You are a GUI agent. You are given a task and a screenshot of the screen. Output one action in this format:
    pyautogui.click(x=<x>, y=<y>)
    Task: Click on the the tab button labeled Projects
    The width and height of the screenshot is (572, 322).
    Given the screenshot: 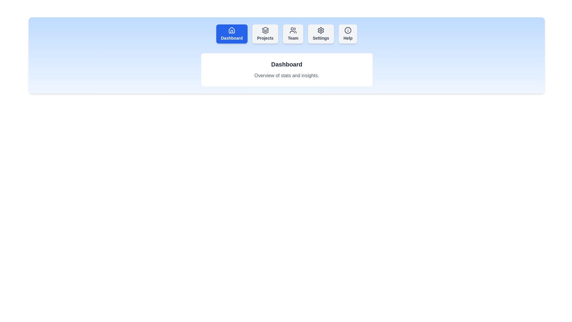 What is the action you would take?
    pyautogui.click(x=265, y=34)
    